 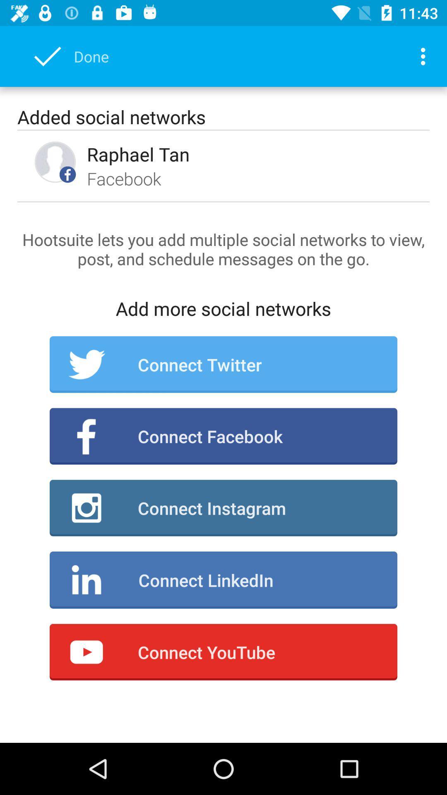 I want to click on item at the top right corner, so click(x=425, y=56).